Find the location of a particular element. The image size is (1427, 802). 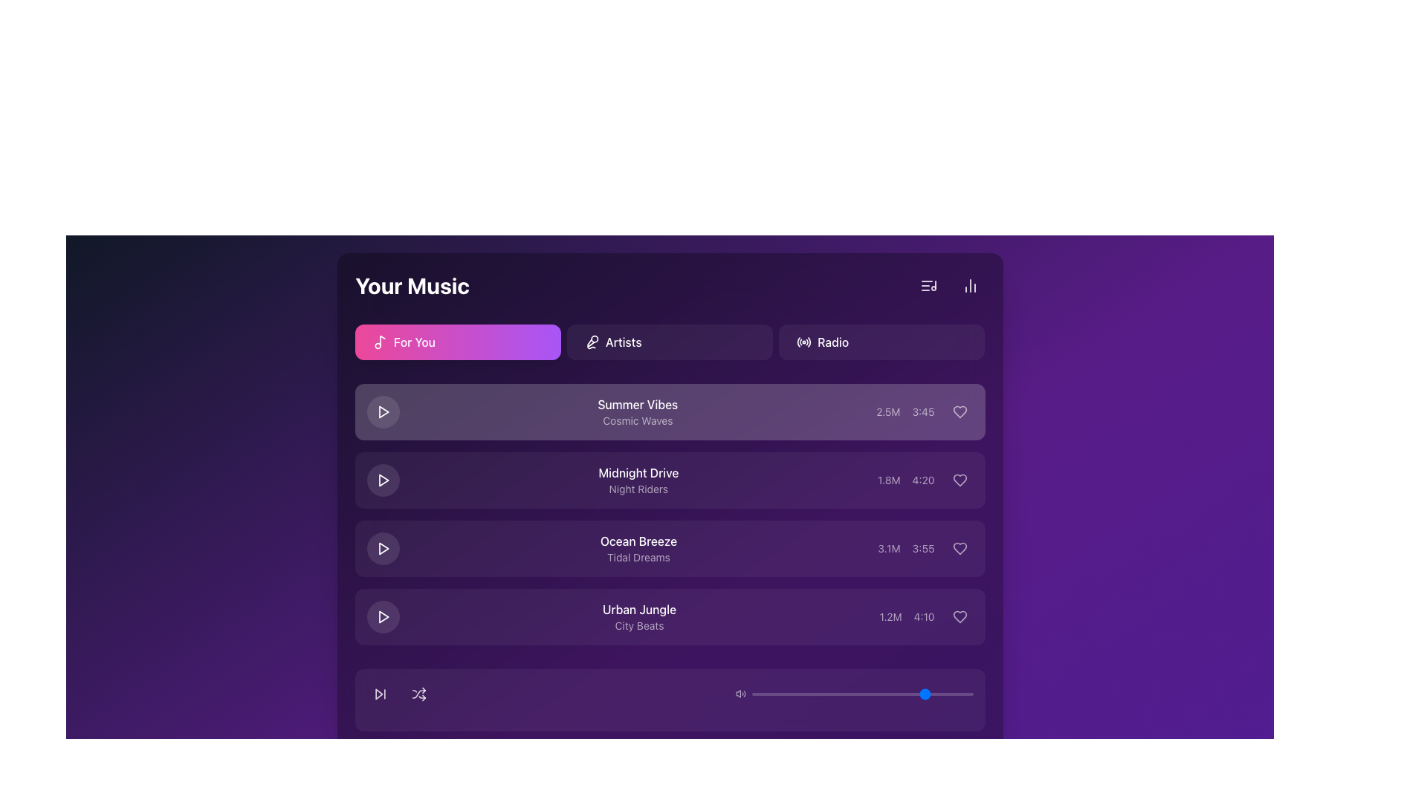

the musical-themed list icon located in the top-right corner of the application interface is located at coordinates (928, 286).